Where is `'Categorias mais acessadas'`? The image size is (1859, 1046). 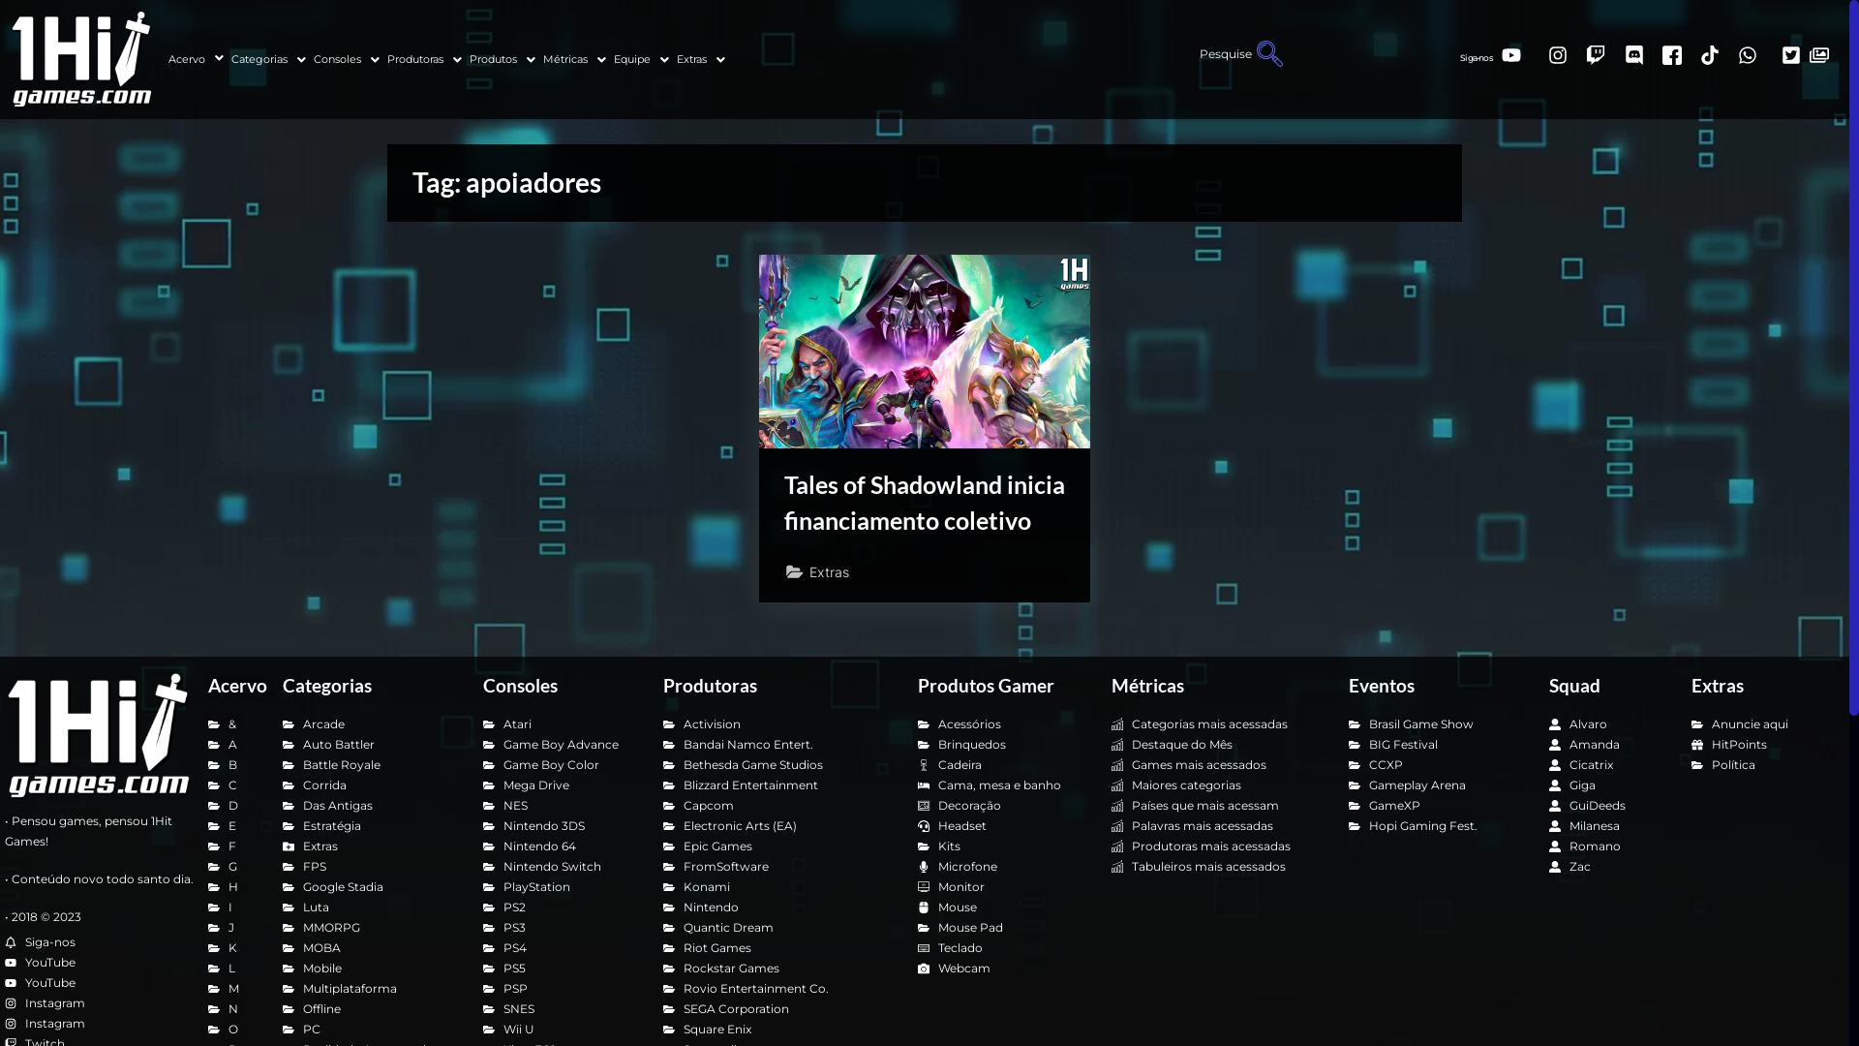 'Categorias mais acessadas' is located at coordinates (1218, 723).